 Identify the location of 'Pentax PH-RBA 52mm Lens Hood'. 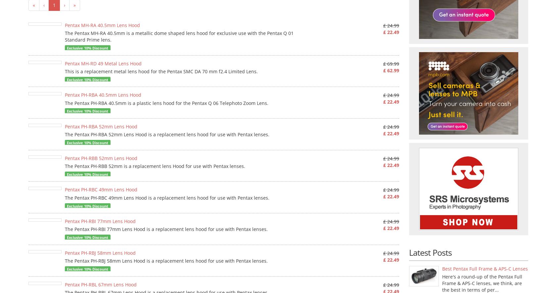
(64, 126).